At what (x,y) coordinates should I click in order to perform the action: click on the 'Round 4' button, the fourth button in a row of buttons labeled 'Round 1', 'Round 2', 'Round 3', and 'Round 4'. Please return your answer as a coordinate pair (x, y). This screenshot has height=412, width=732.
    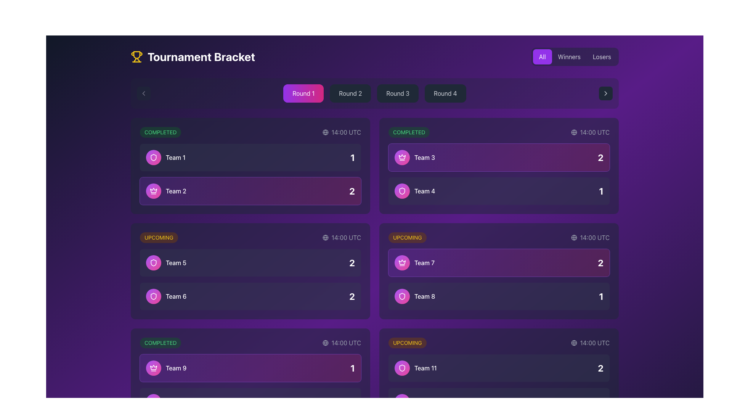
    Looking at the image, I should click on (445, 93).